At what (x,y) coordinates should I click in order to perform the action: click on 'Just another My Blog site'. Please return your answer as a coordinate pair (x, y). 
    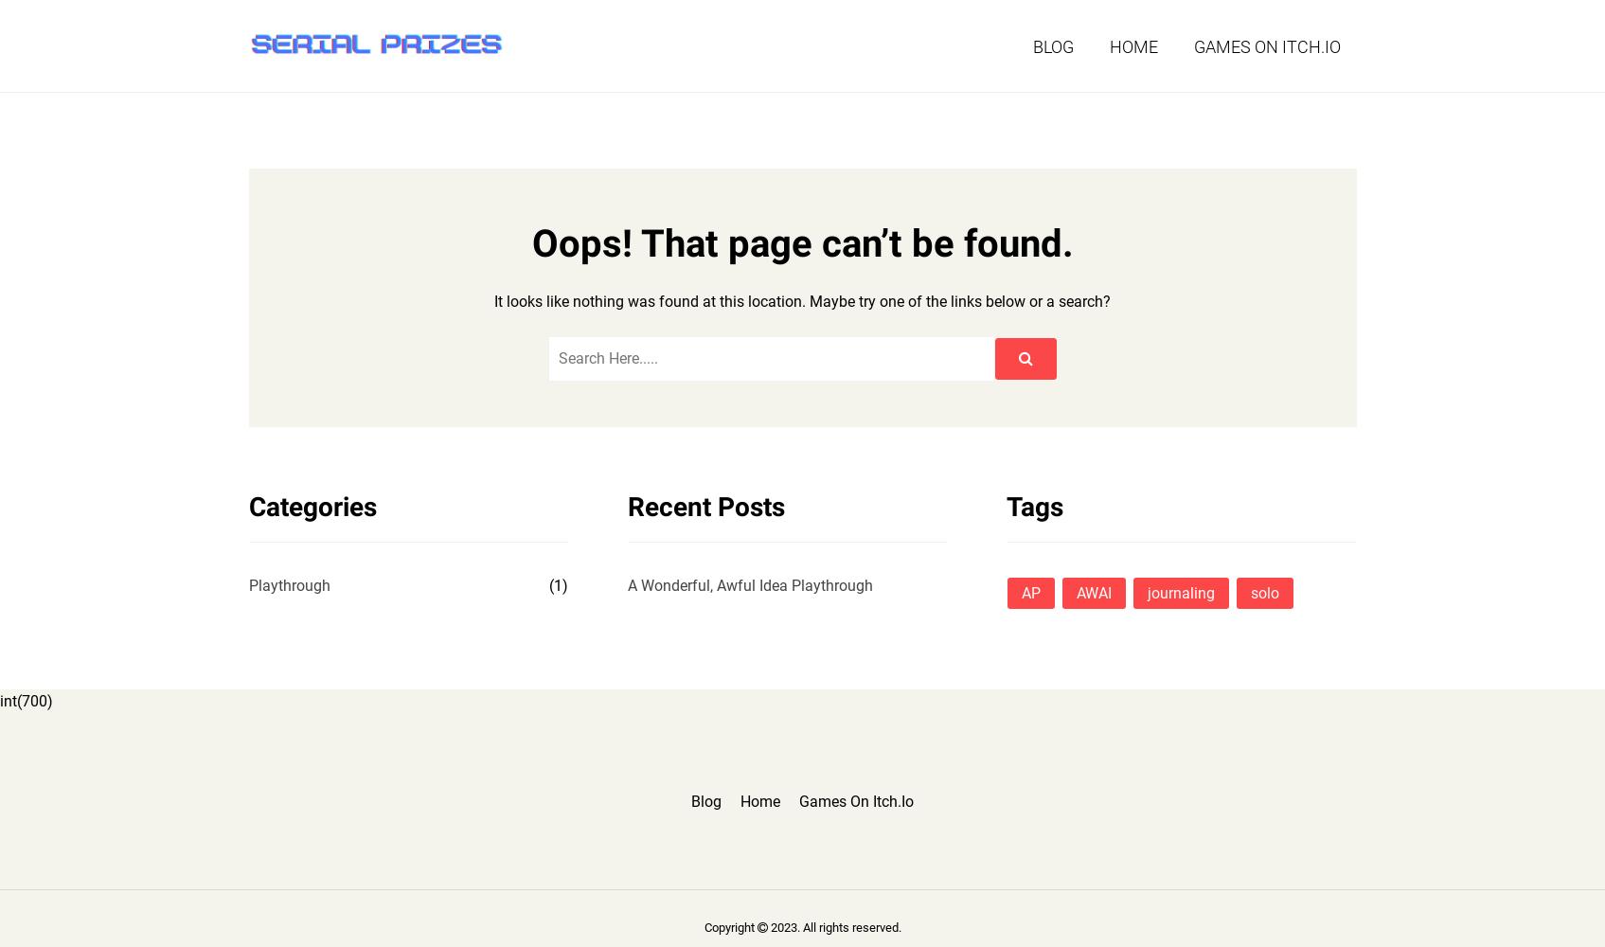
    Looking at the image, I should click on (335, 82).